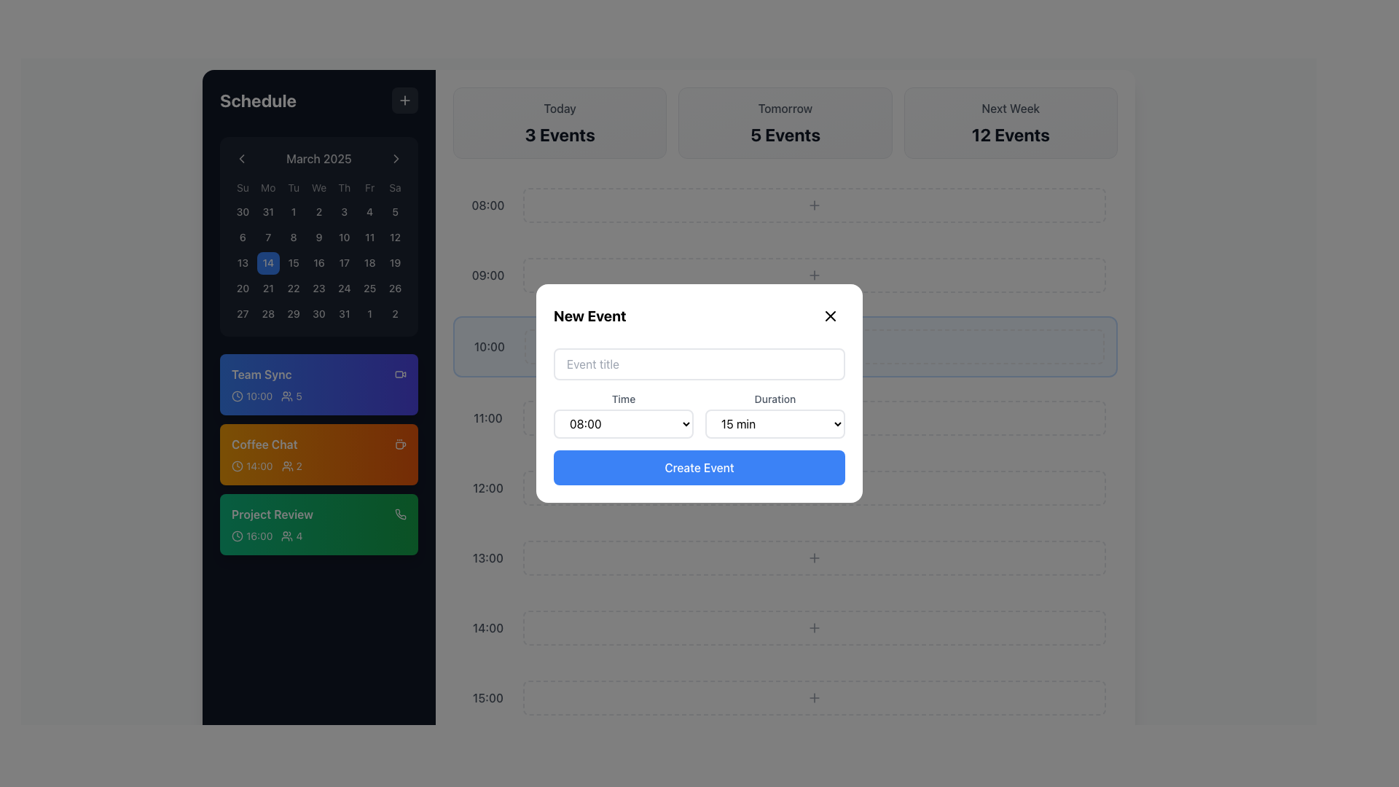 The image size is (1399, 787). Describe the element at coordinates (814, 557) in the screenshot. I see `the interactable button for adding an event in the time slot labeled '13:00'` at that location.